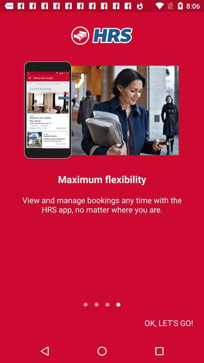 This screenshot has width=204, height=363. I want to click on the icon below view and manage item, so click(168, 322).